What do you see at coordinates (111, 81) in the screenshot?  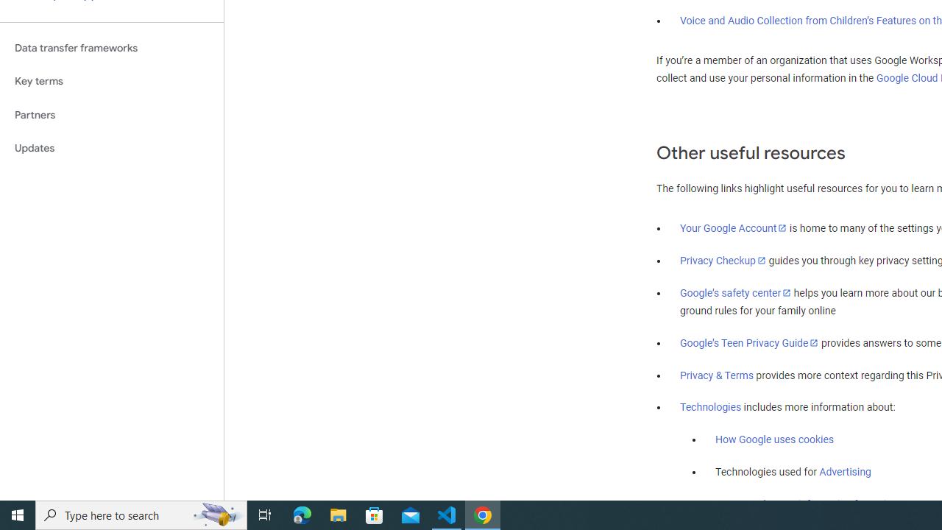 I see `'Key terms'` at bounding box center [111, 81].